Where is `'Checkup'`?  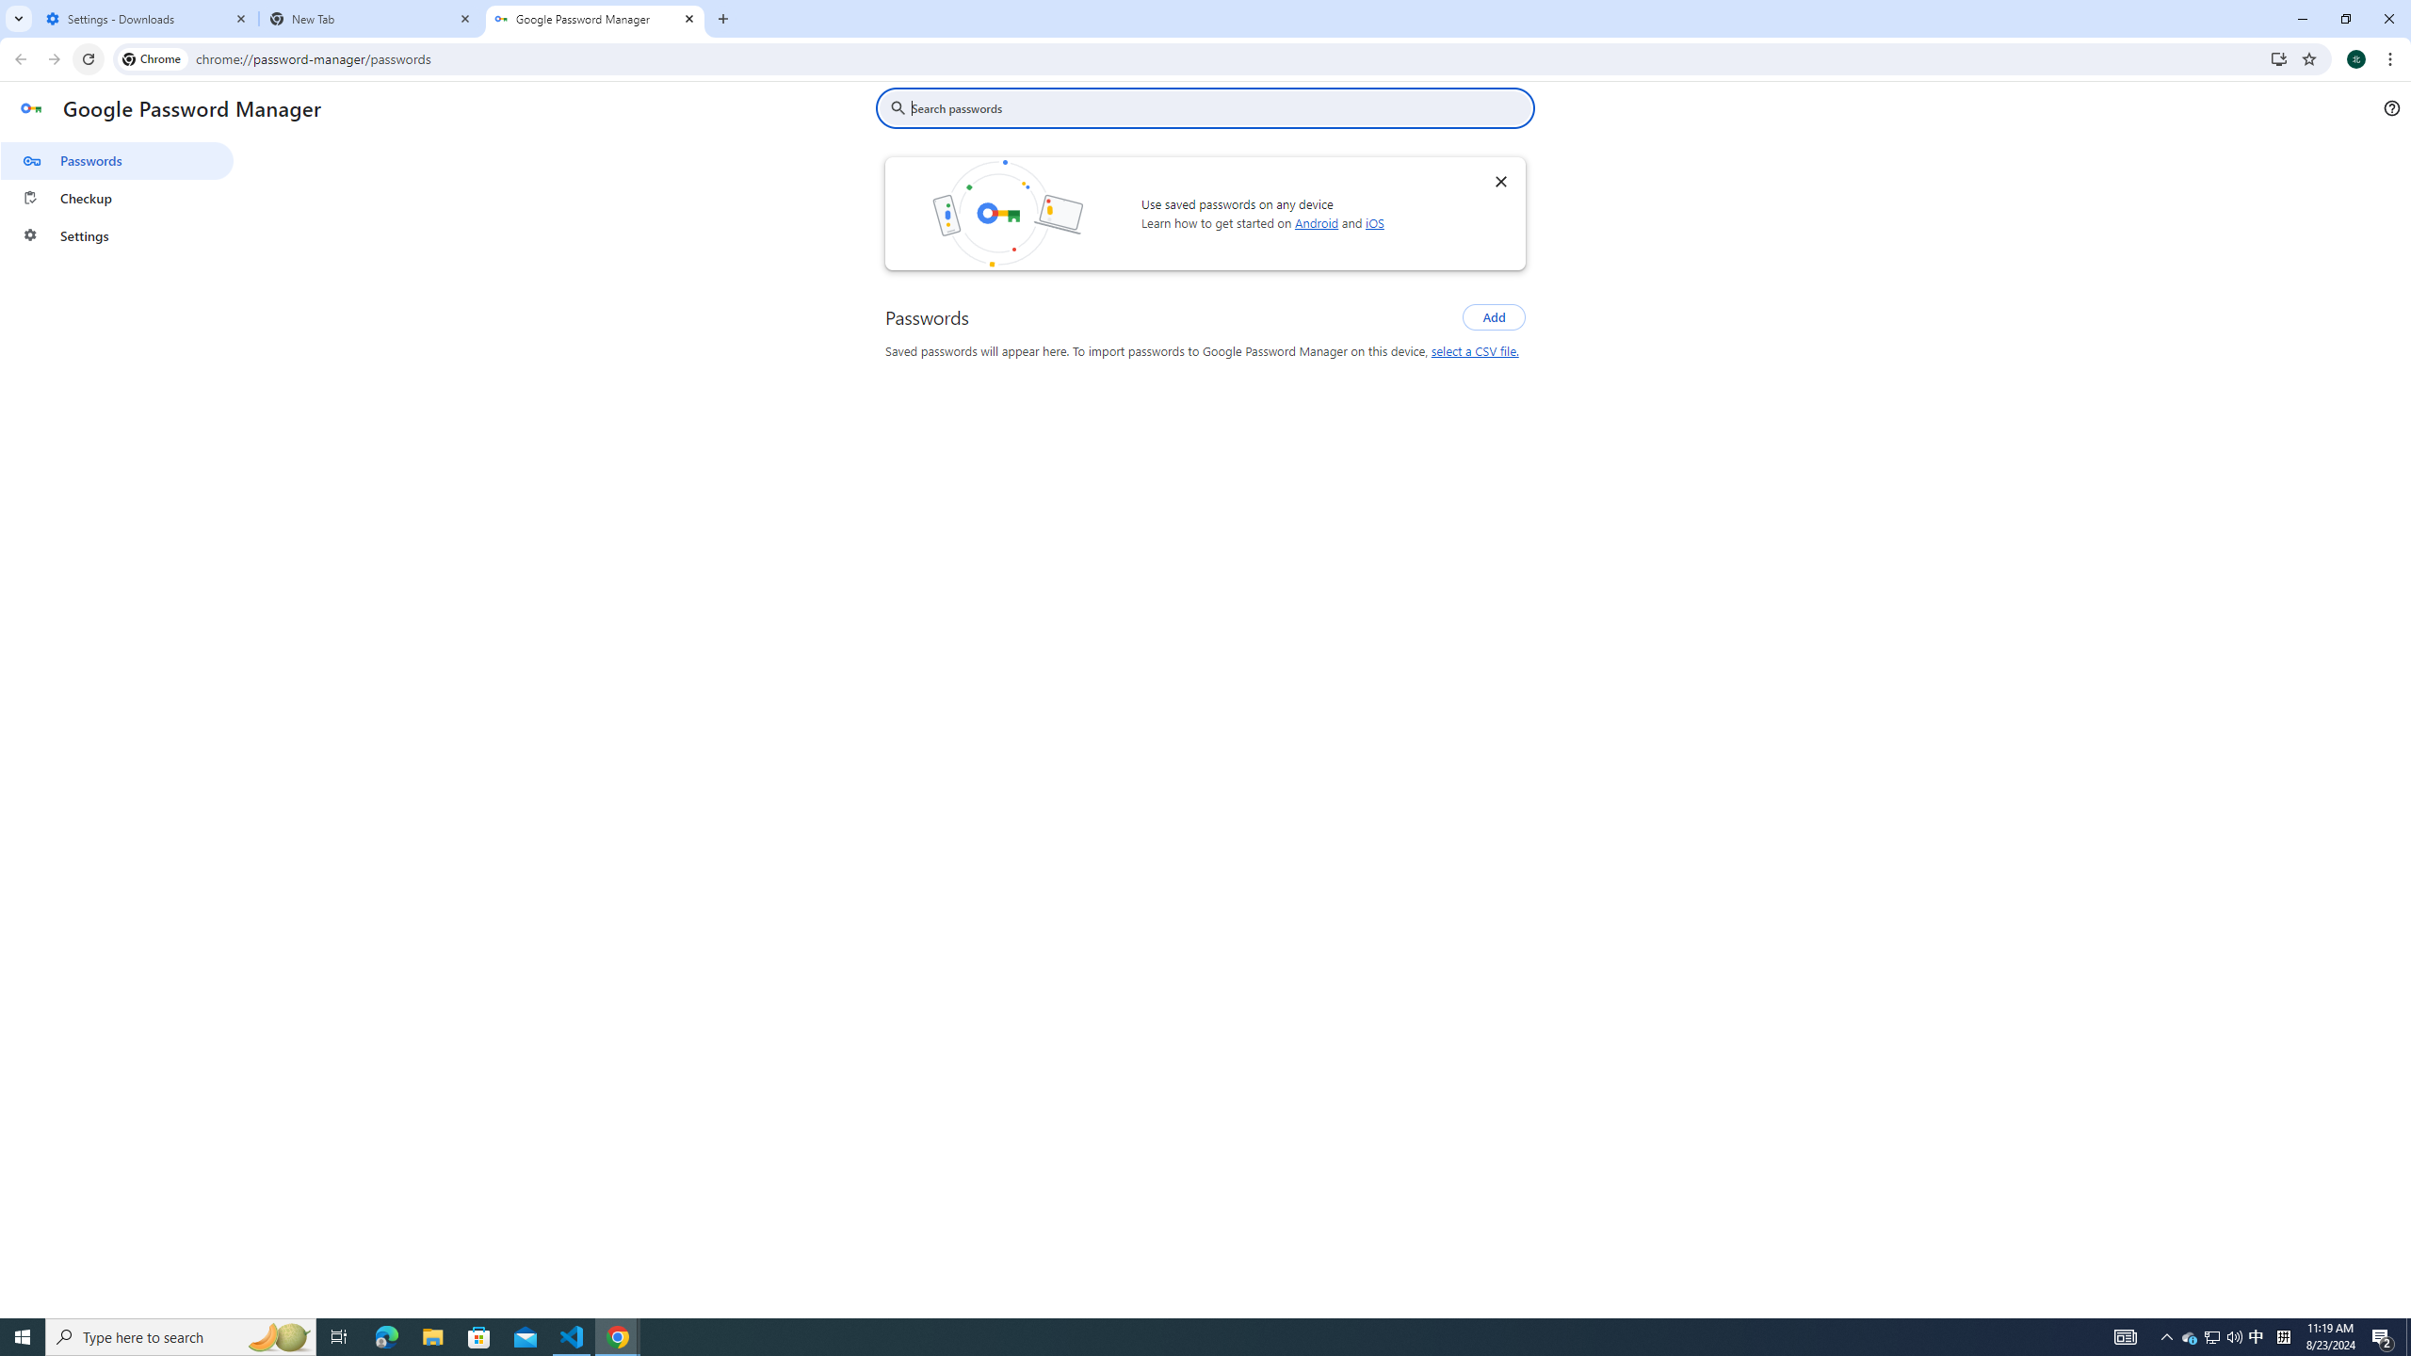
'Checkup' is located at coordinates (116, 198).